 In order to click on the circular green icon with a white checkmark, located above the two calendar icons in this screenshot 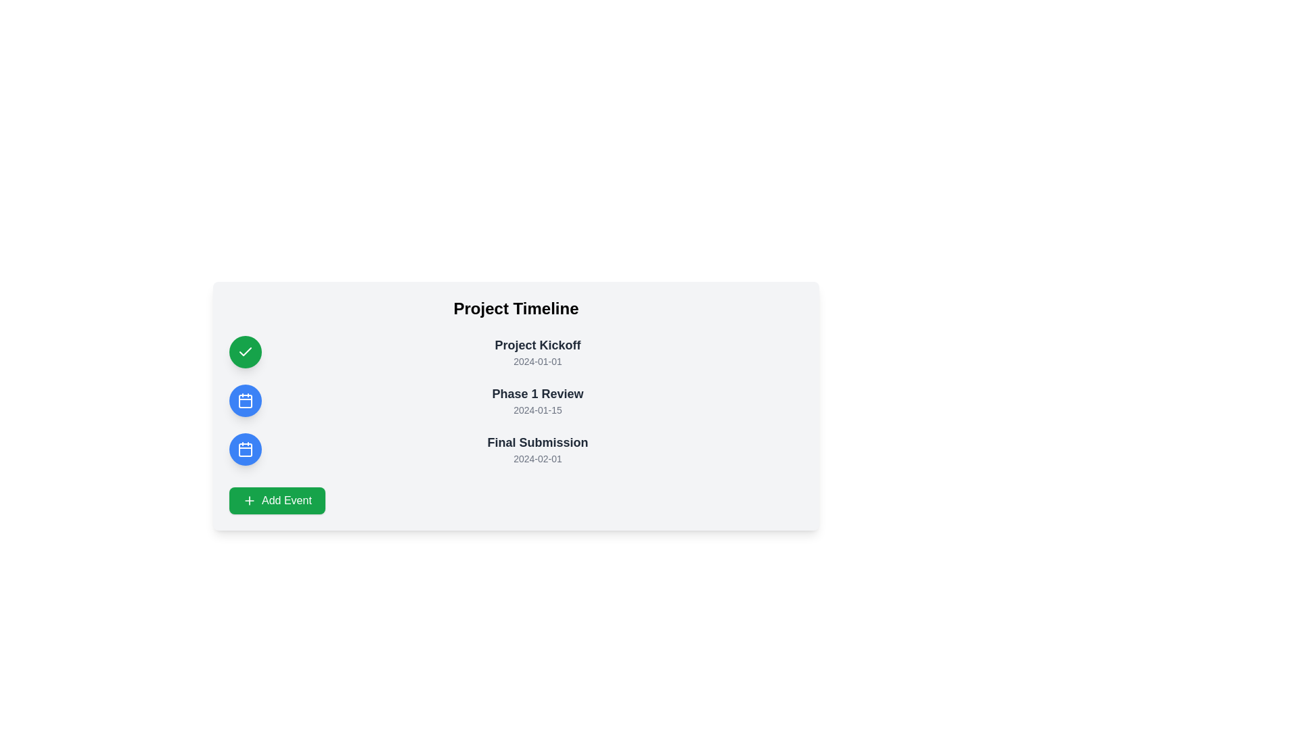, I will do `click(246, 351)`.